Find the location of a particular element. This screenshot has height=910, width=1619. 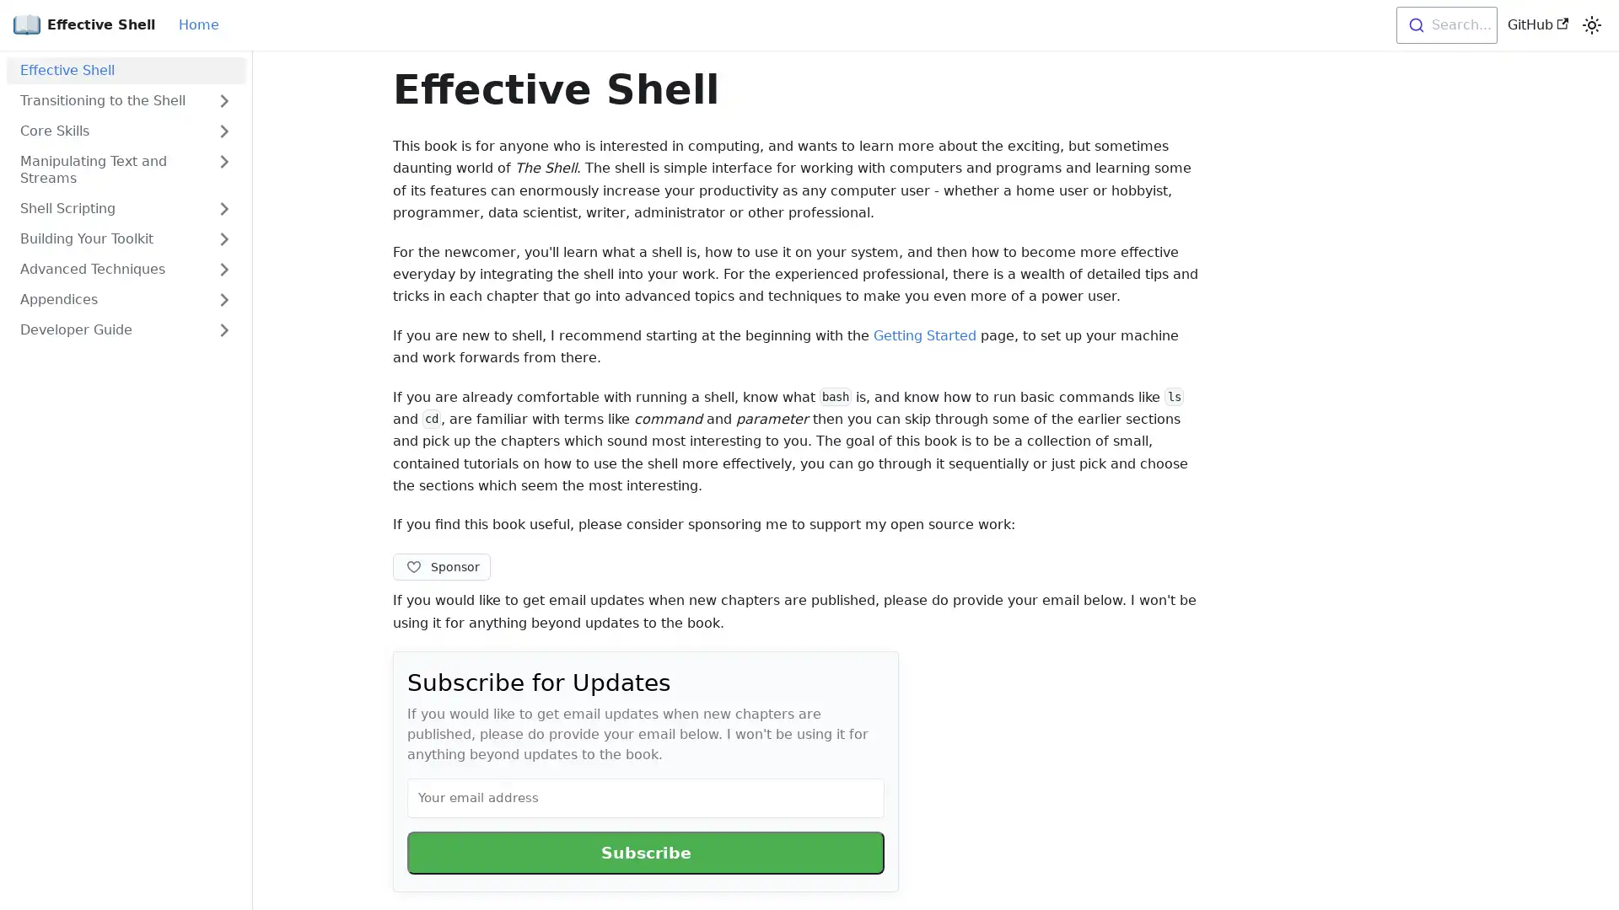

Search... is located at coordinates (1444, 25).